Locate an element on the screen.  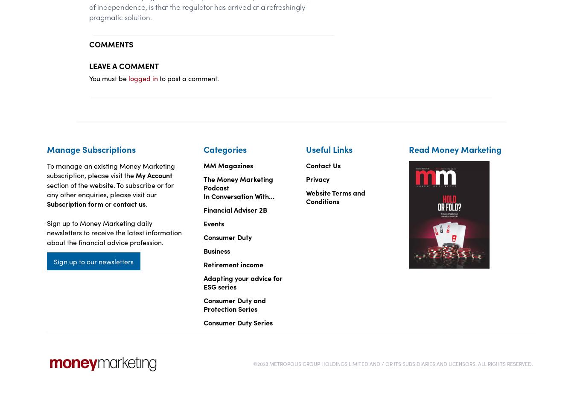
'Financial Adviser 2B' is located at coordinates (204, 209).